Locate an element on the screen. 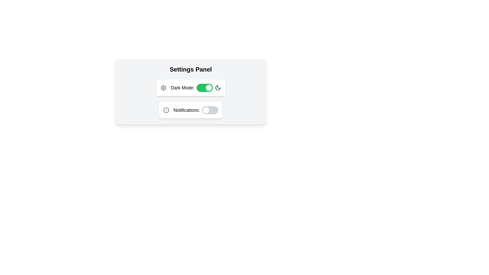 The height and width of the screenshot is (275, 489). the gear icon representing the settings for 'Dark Mode', located to the left of the 'Dark Mode:' label is located at coordinates (164, 87).